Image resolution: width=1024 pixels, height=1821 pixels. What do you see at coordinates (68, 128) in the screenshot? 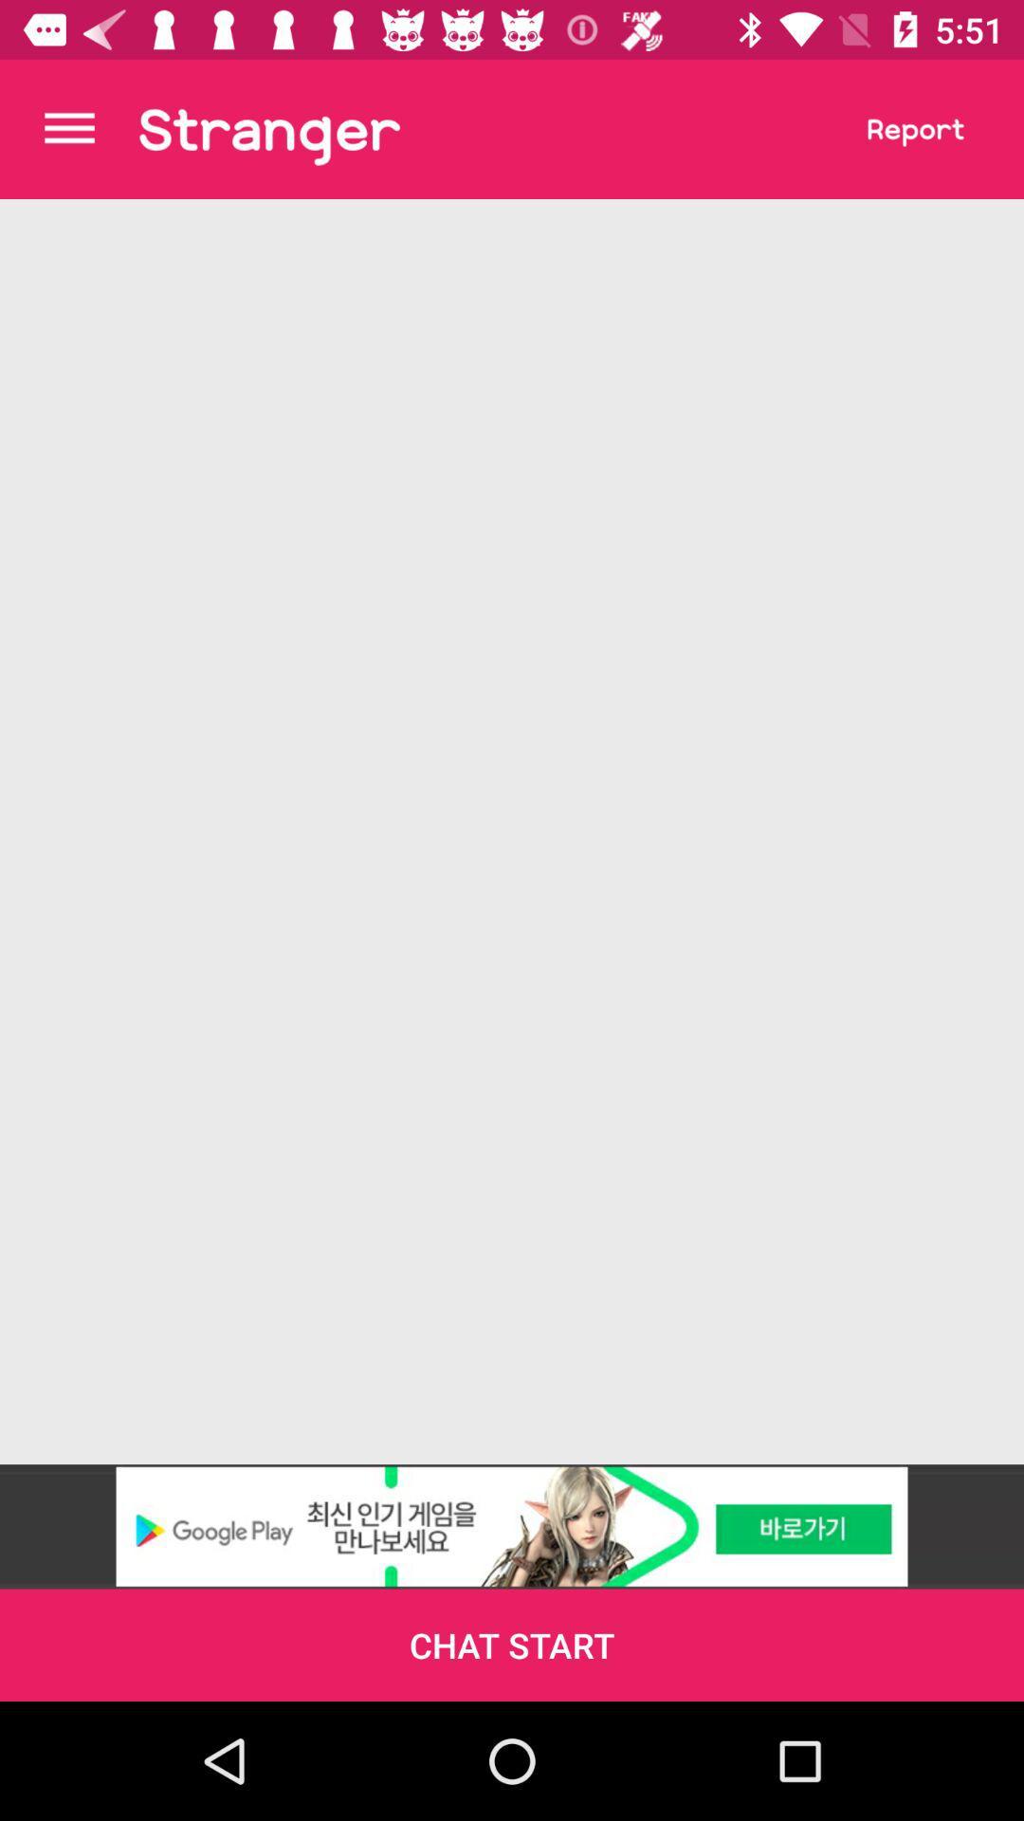
I see `menu` at bounding box center [68, 128].